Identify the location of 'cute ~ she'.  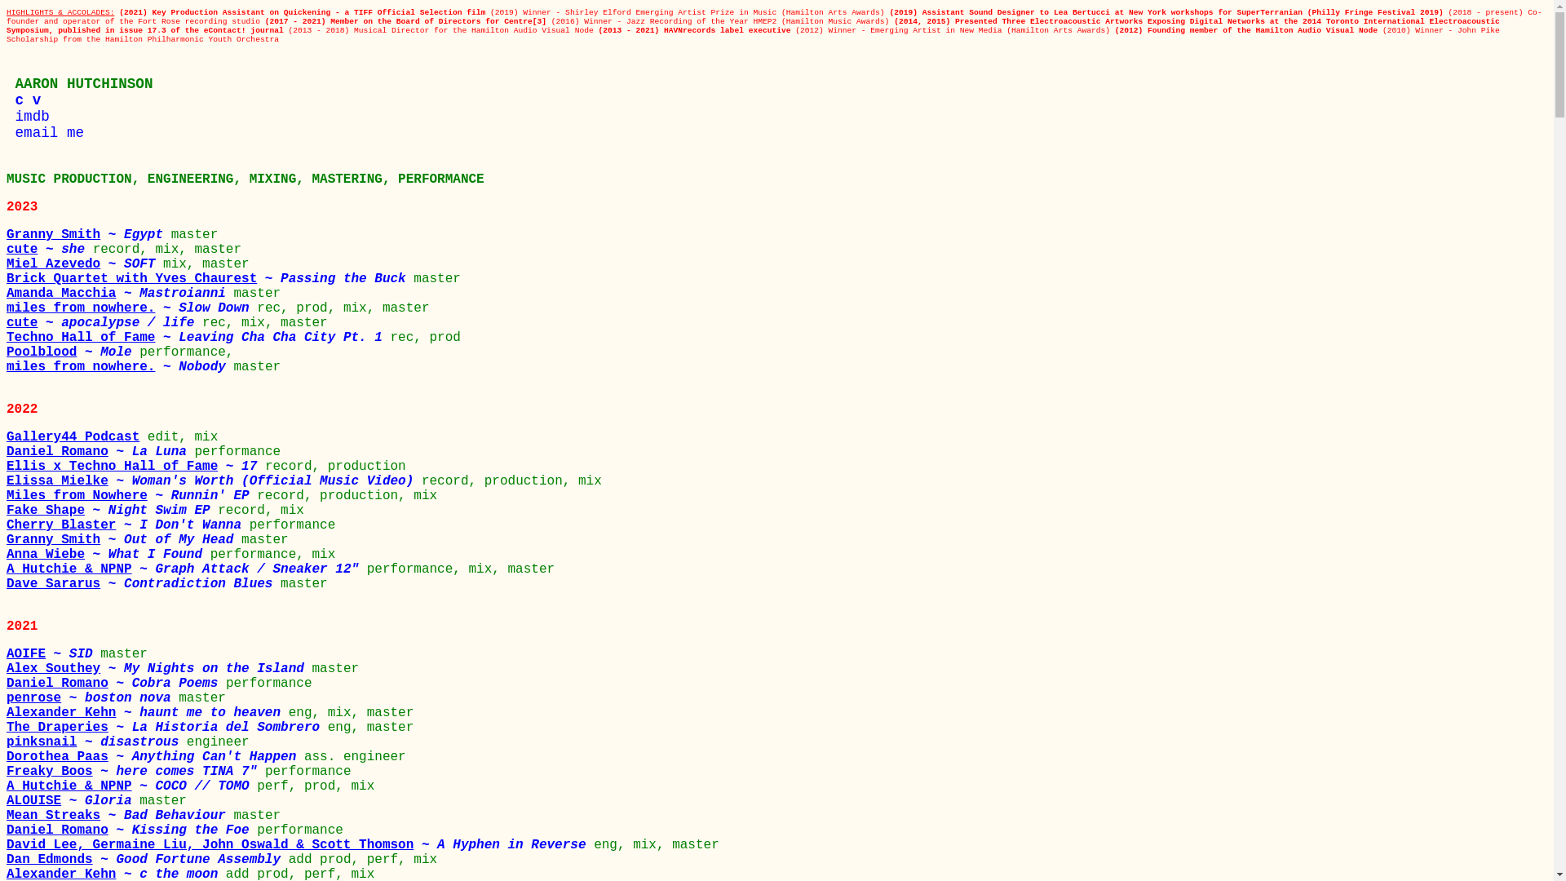
(50, 249).